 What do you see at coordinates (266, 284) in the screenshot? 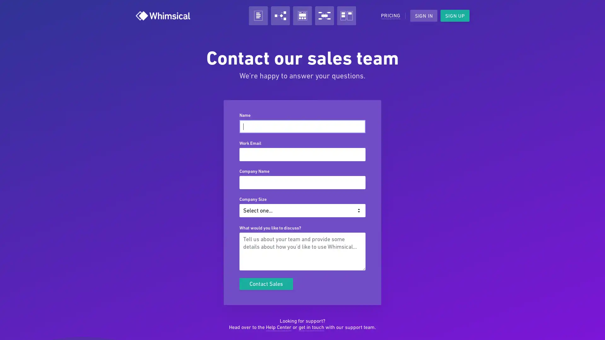
I see `Contact Sales` at bounding box center [266, 284].